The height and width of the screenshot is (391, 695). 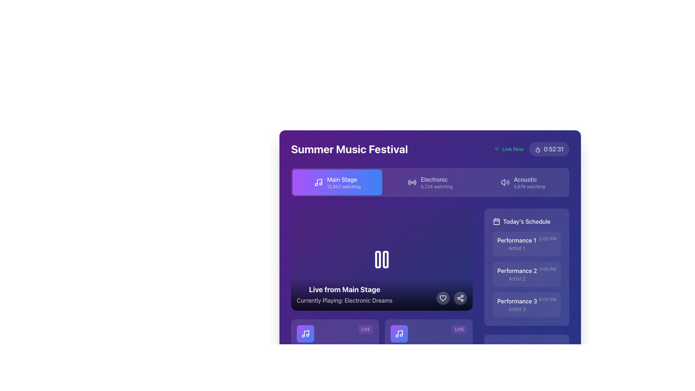 I want to click on the musical note icon with a rounded square gradient background transitioning from purple to blue, so click(x=399, y=333).